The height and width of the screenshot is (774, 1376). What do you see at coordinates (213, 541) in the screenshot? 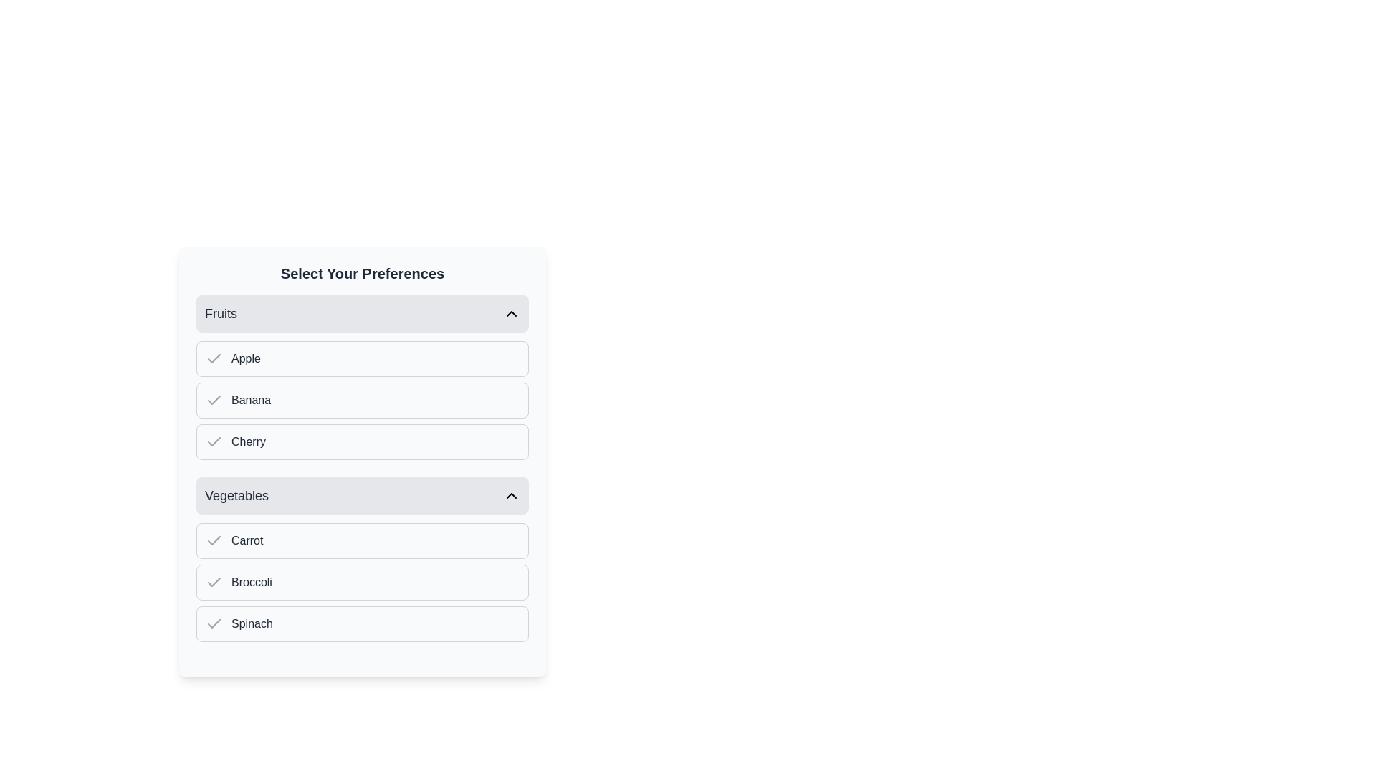
I see `the small checkmark icon associated with the 'Carrot' list item under the 'Vegetables' section` at bounding box center [213, 541].